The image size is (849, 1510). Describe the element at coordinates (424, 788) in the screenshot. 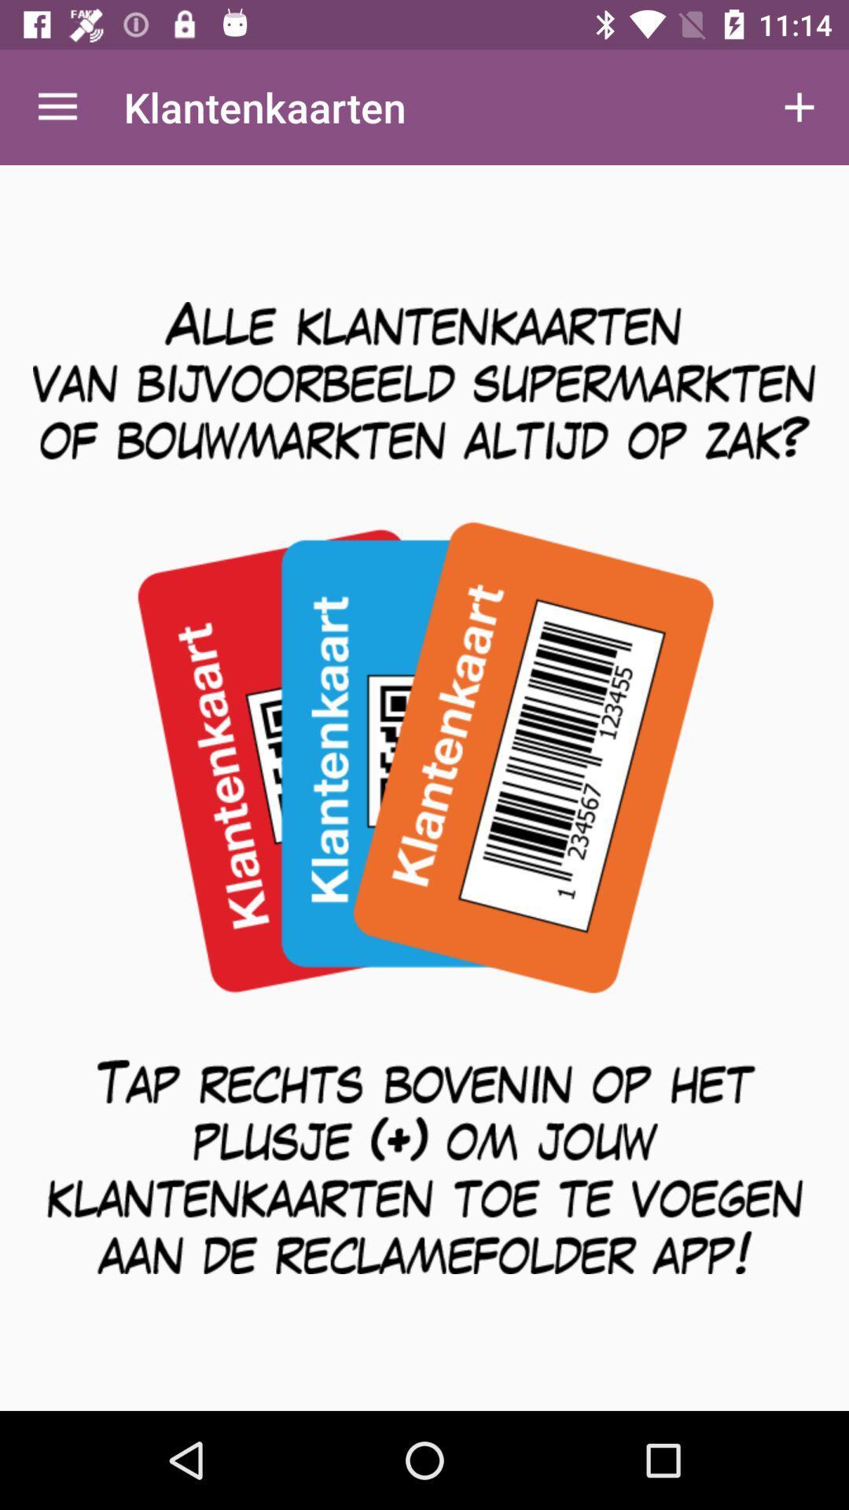

I see `item at the center` at that location.